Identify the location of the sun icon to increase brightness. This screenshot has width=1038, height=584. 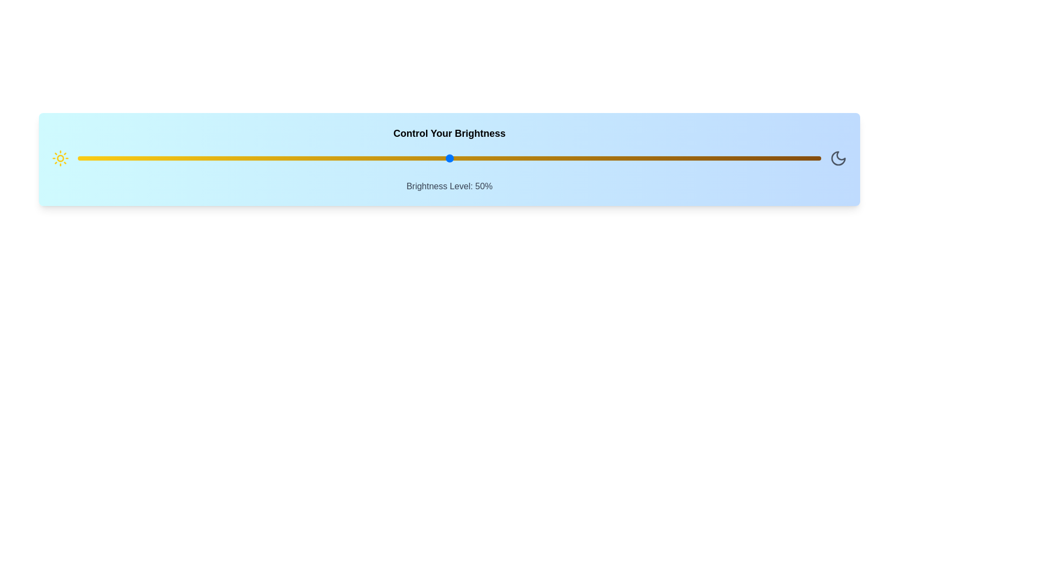
(59, 158).